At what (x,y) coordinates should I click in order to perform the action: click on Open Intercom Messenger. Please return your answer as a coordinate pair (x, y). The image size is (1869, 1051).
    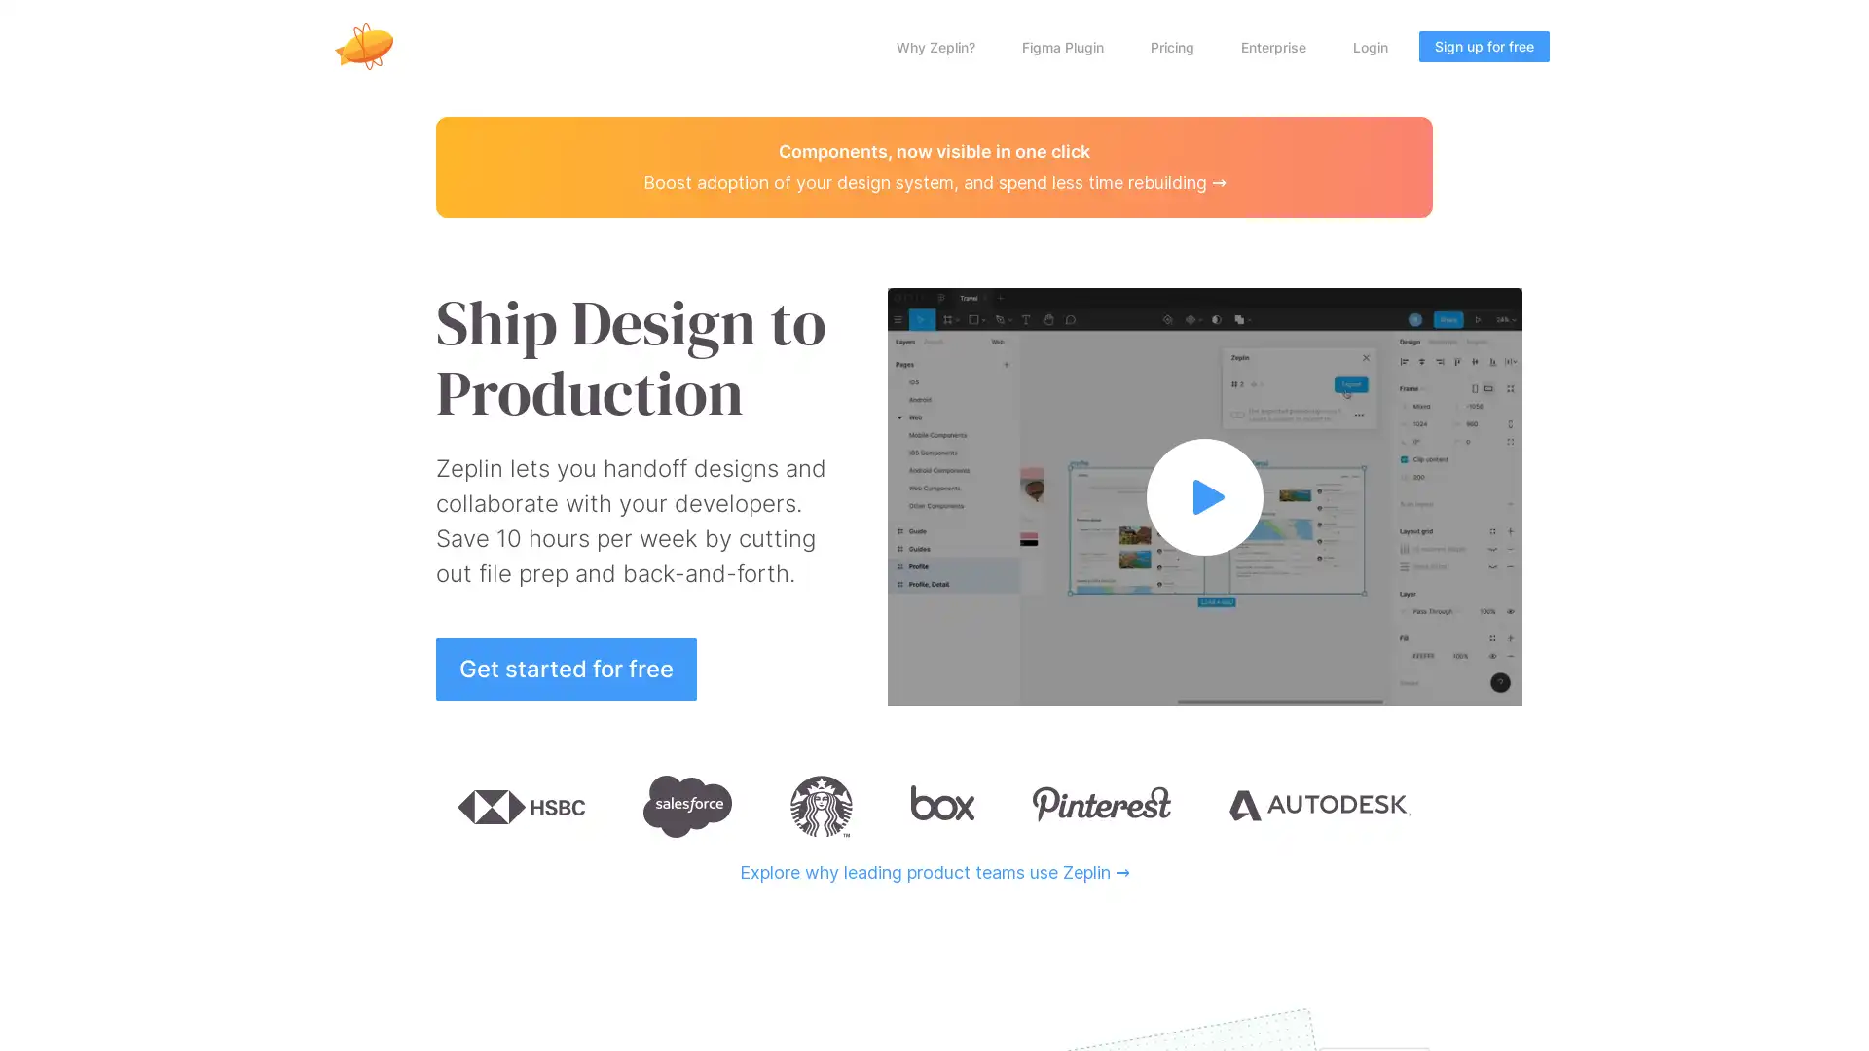
    Looking at the image, I should click on (1819, 1001).